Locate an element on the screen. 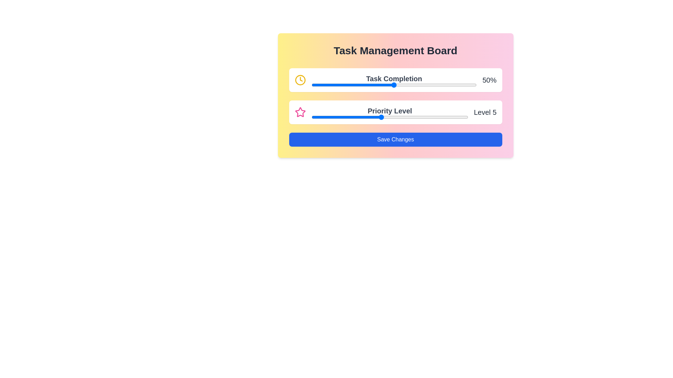  the priority level is located at coordinates (433, 117).